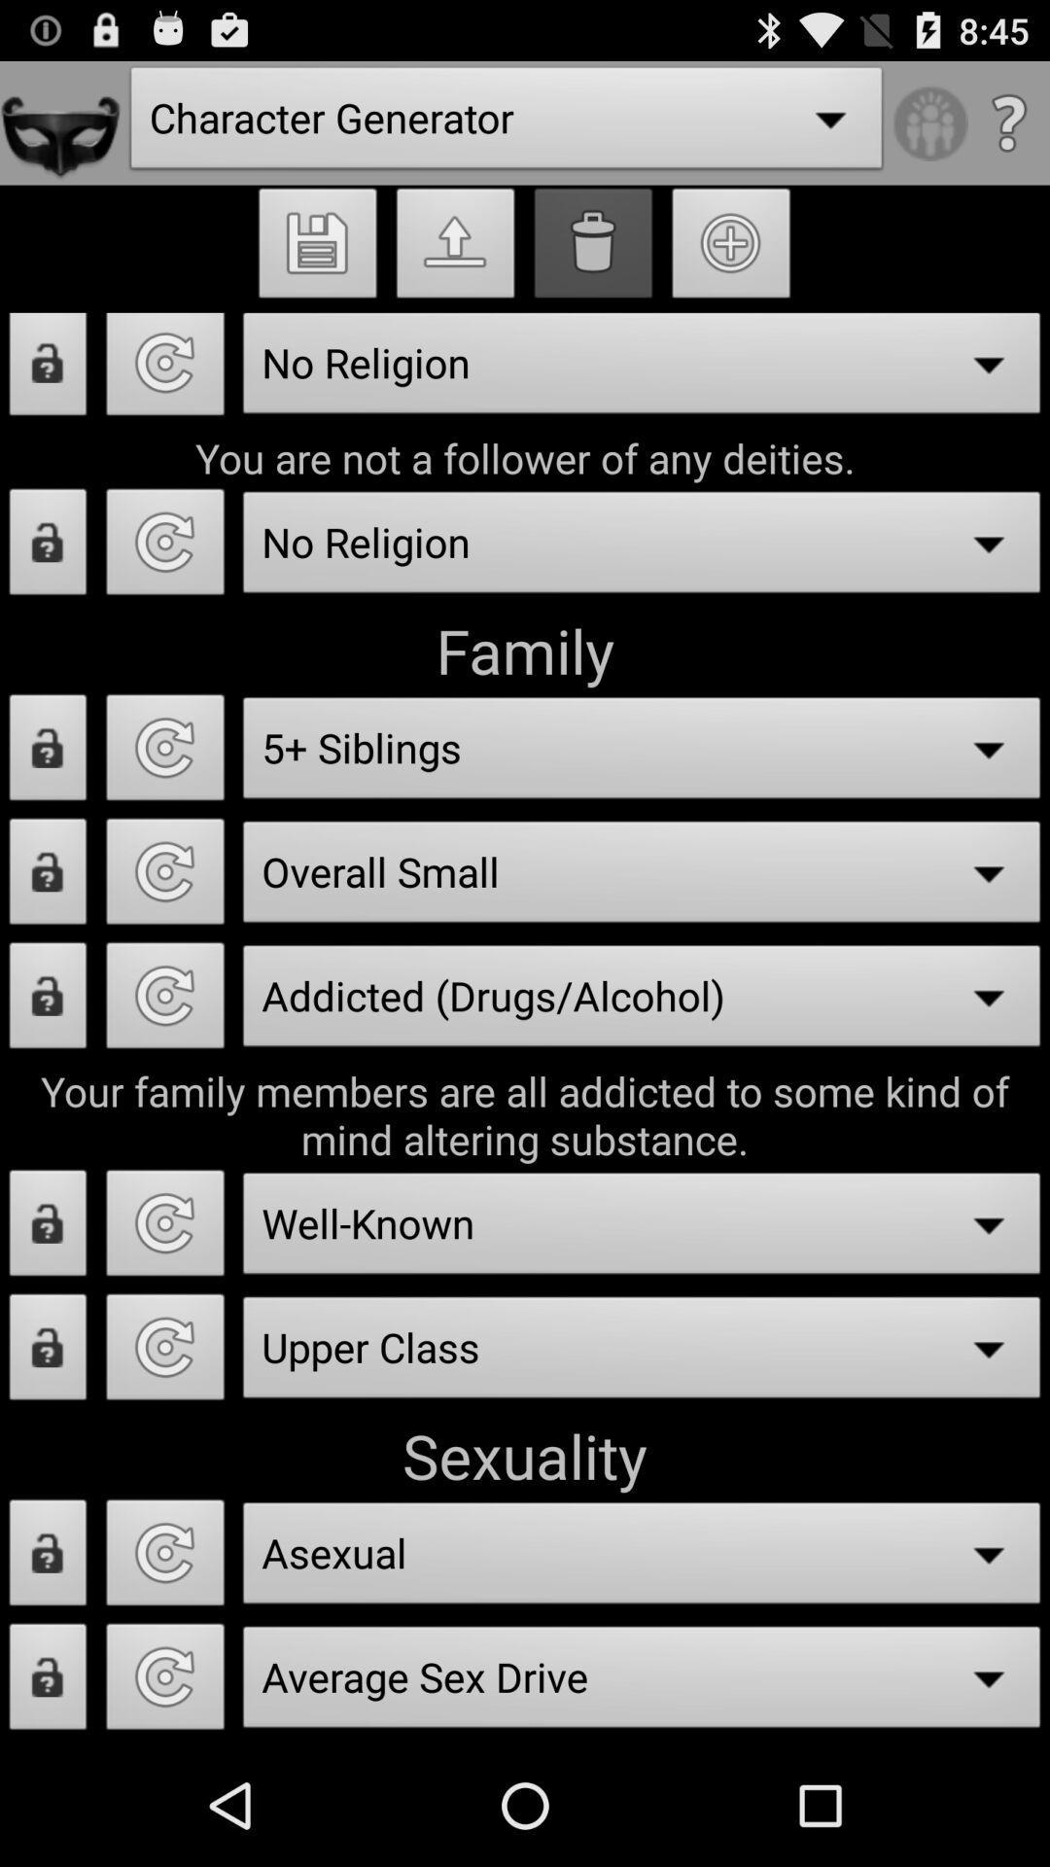 Image resolution: width=1050 pixels, height=1867 pixels. What do you see at coordinates (47, 876) in the screenshot?
I see `lock option` at bounding box center [47, 876].